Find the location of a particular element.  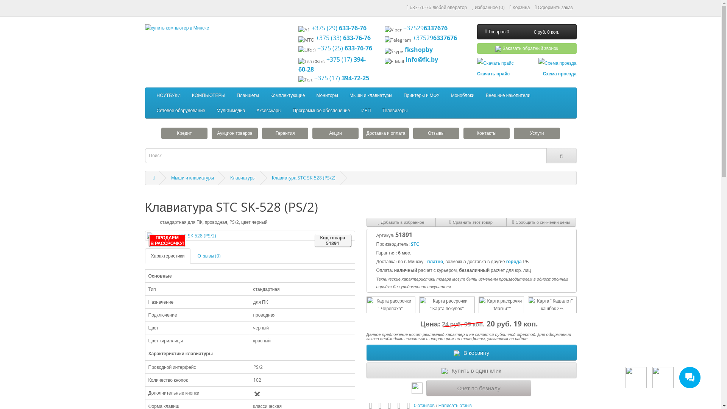

'+375 (33) 633-76-76' is located at coordinates (343, 38).